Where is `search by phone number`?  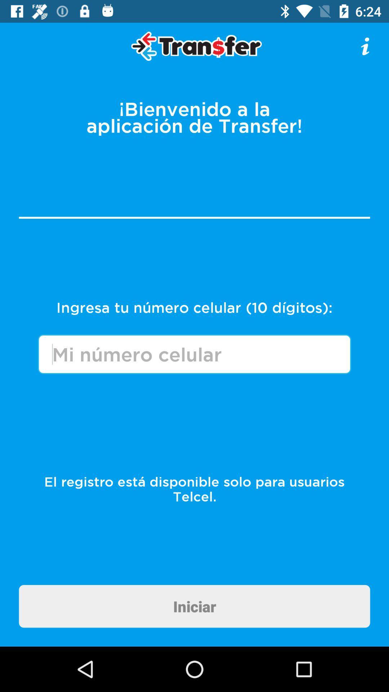 search by phone number is located at coordinates (194, 354).